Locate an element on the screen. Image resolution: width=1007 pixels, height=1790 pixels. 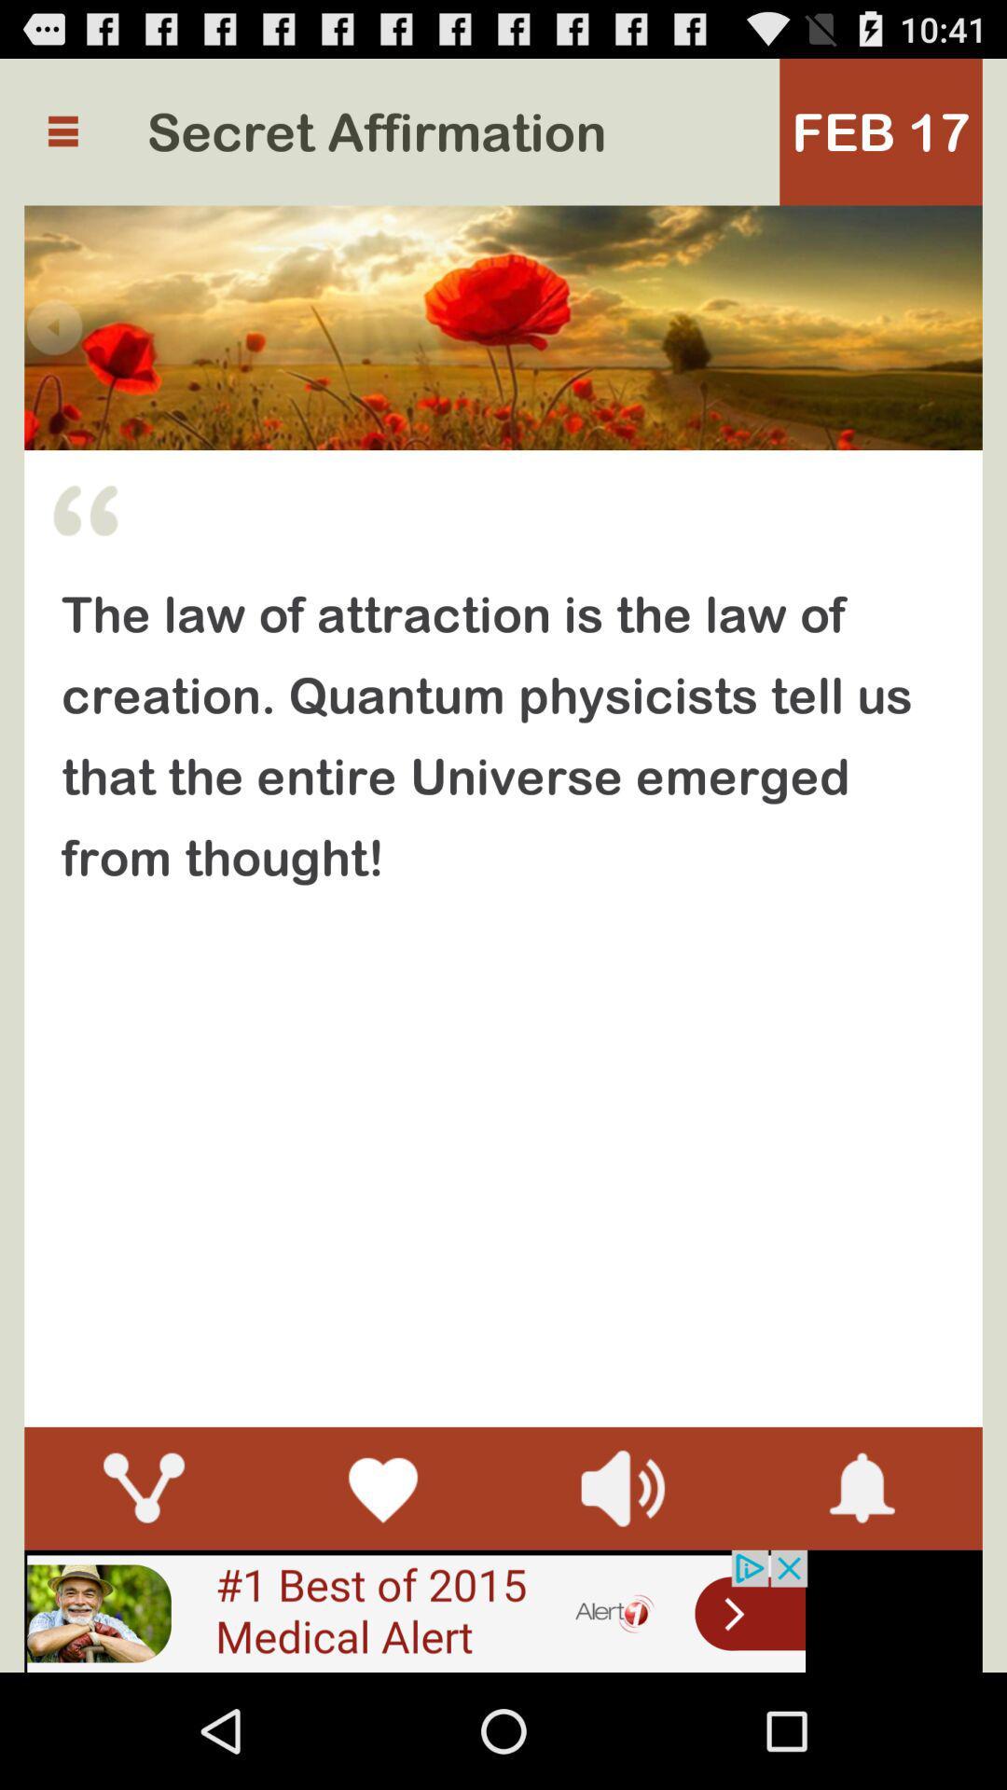
know bout the advertisement is located at coordinates (415, 1610).